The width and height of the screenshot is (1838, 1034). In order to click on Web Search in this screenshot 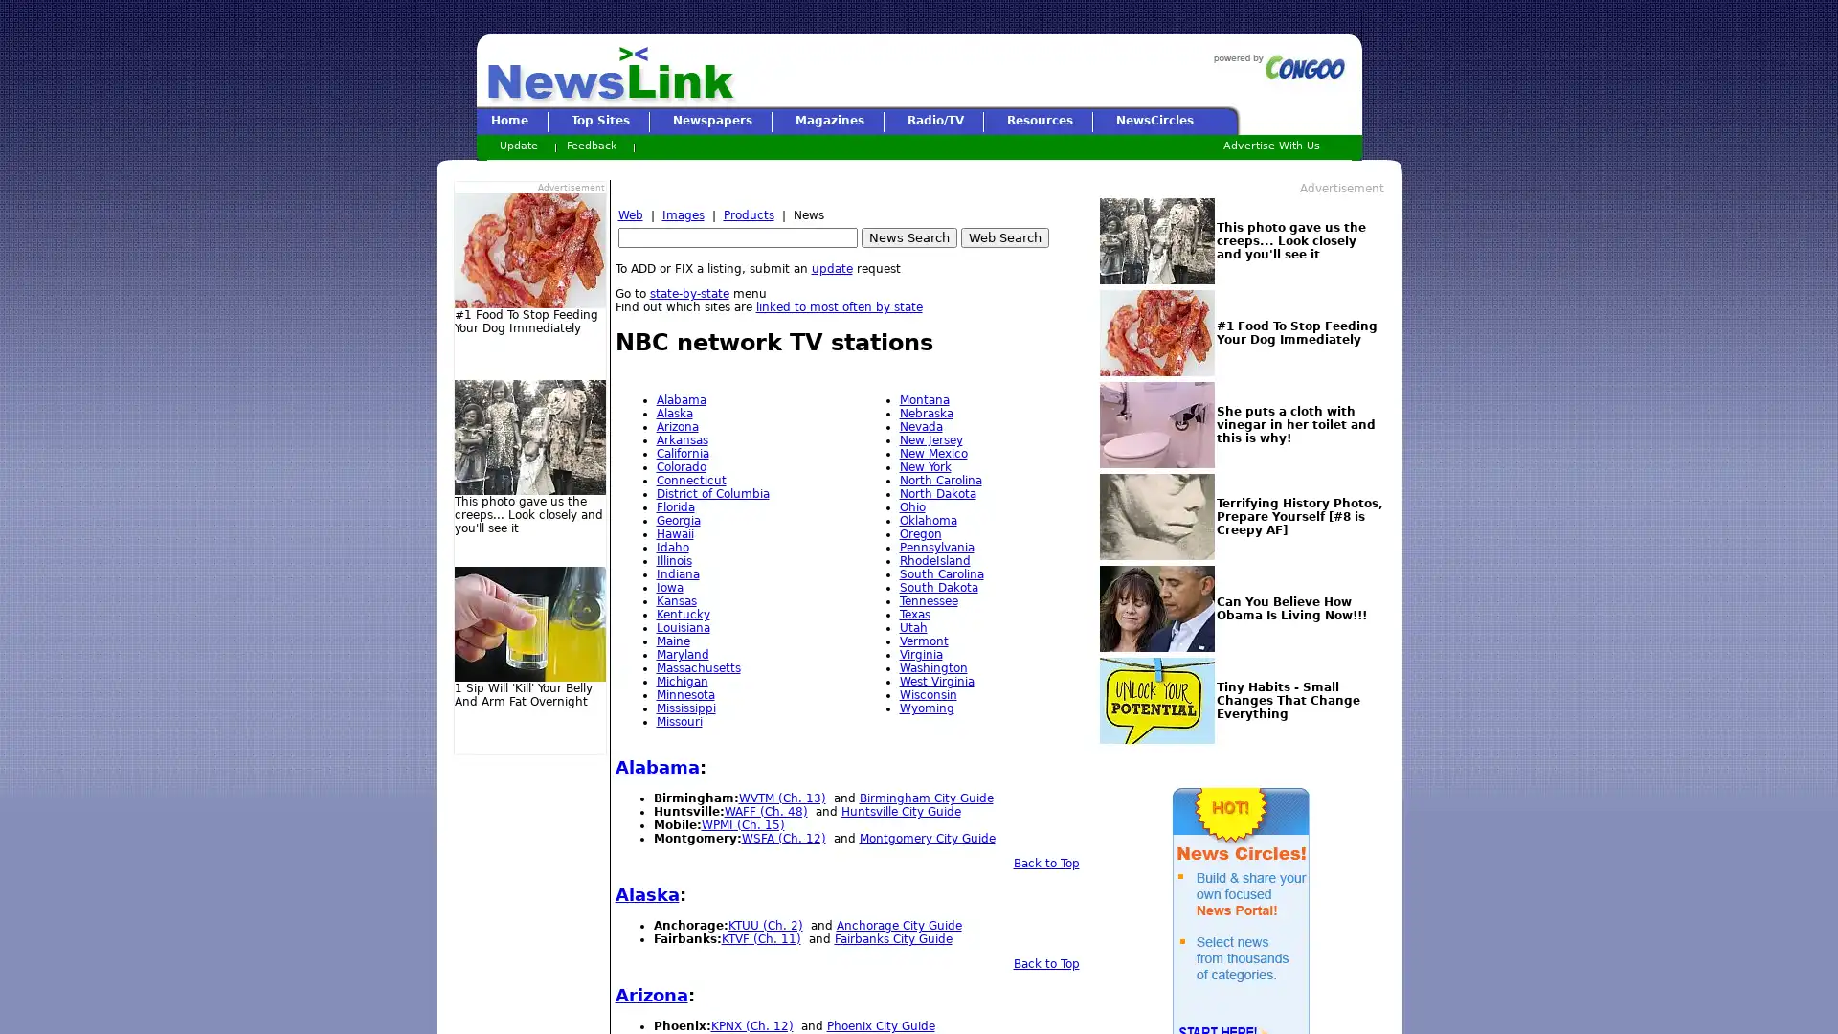, I will do `click(1003, 236)`.